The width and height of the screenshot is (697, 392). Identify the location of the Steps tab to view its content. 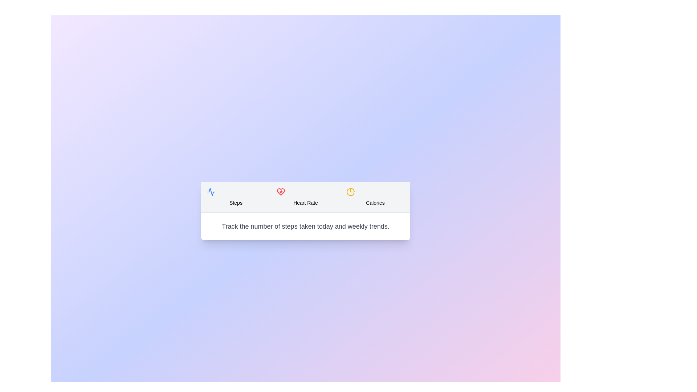
(236, 197).